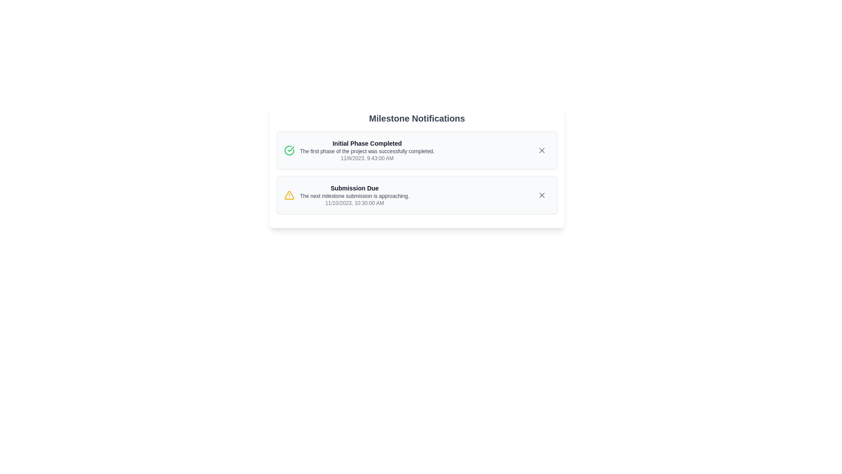  Describe the element at coordinates (542, 194) in the screenshot. I see `close button for the milestone 2` at that location.